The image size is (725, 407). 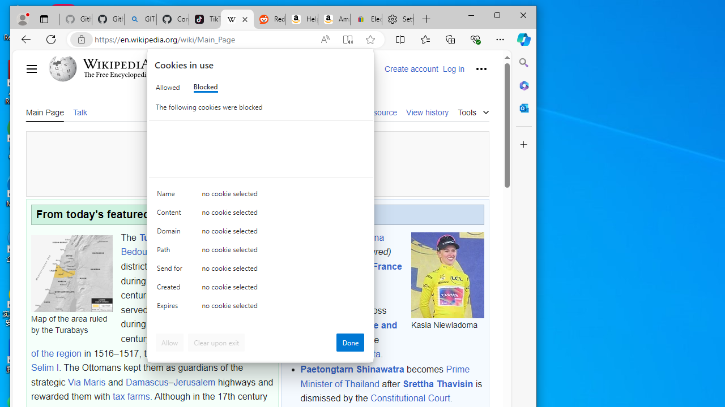 What do you see at coordinates (170, 308) in the screenshot?
I see `'Expires'` at bounding box center [170, 308].